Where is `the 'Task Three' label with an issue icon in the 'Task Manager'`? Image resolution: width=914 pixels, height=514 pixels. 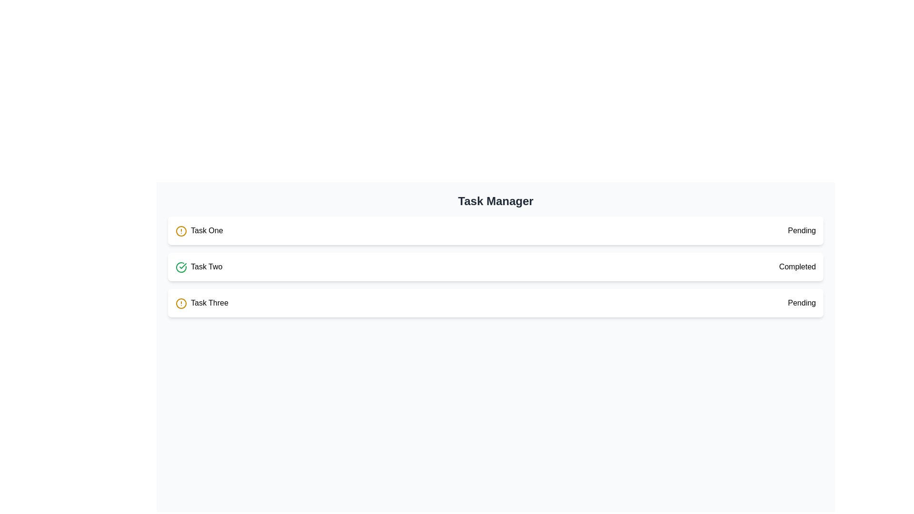 the 'Task Three' label with an issue icon in the 'Task Manager' is located at coordinates (201, 303).